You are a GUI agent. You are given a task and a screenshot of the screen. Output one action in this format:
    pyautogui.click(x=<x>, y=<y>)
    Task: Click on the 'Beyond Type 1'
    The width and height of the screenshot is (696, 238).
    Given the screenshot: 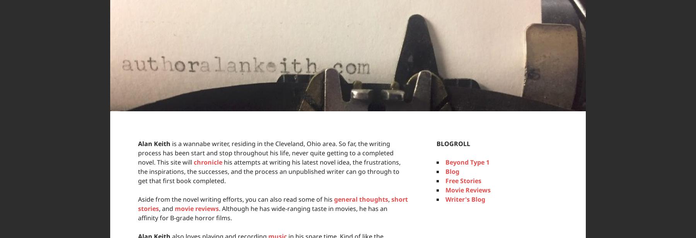 What is the action you would take?
    pyautogui.click(x=467, y=162)
    